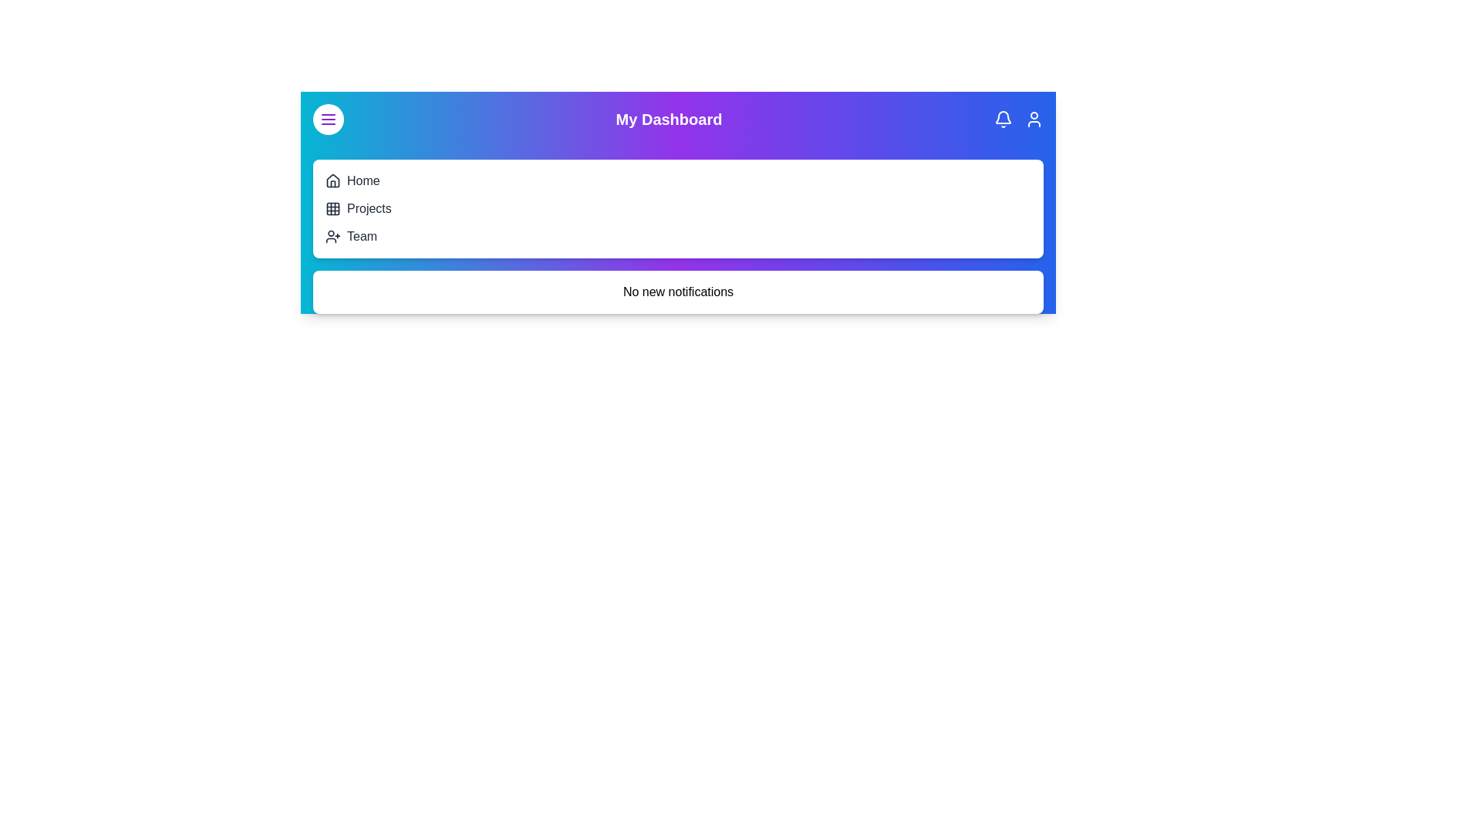  I want to click on the bell icon to toggle the notifications section, so click(1003, 118).